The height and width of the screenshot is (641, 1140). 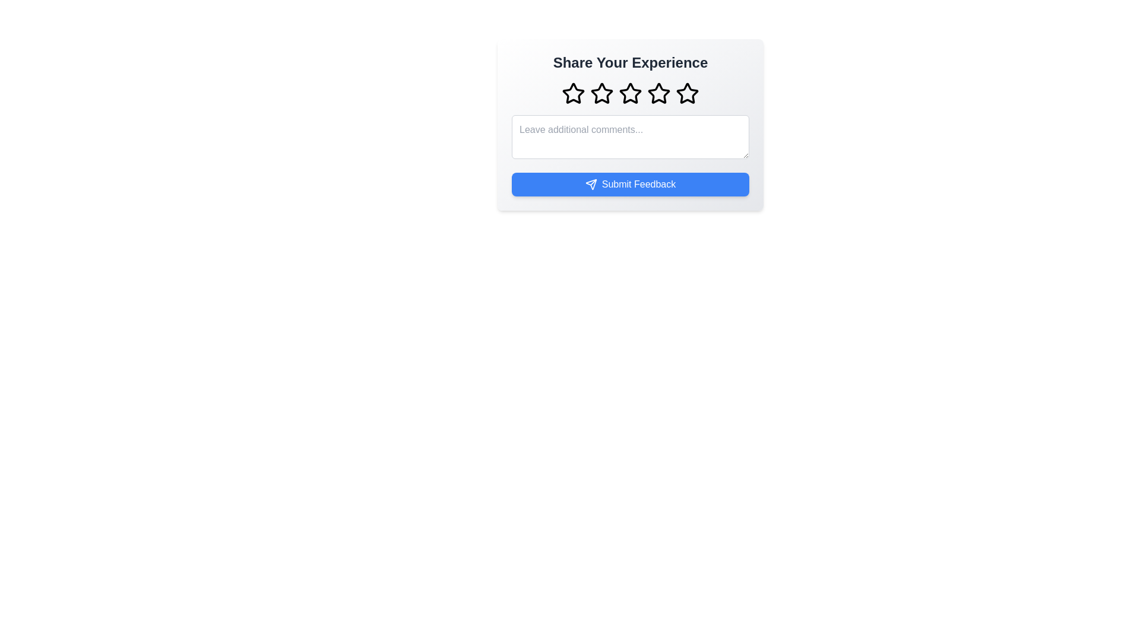 What do you see at coordinates (629, 137) in the screenshot?
I see `the text input field with placeholder text 'Leave additional comments...' to focus on it` at bounding box center [629, 137].